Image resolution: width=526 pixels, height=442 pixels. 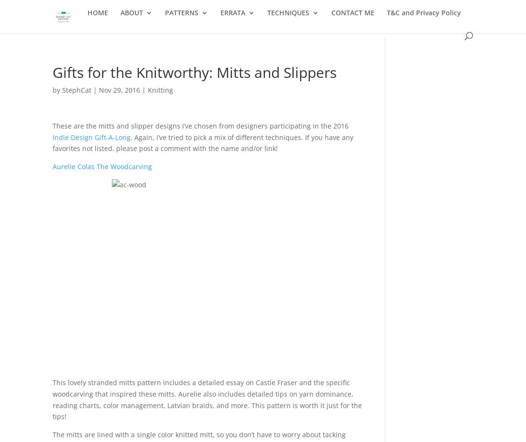 I want to click on 'What do you get with a Sunset Cat Designs pattern?', so click(x=221, y=71).